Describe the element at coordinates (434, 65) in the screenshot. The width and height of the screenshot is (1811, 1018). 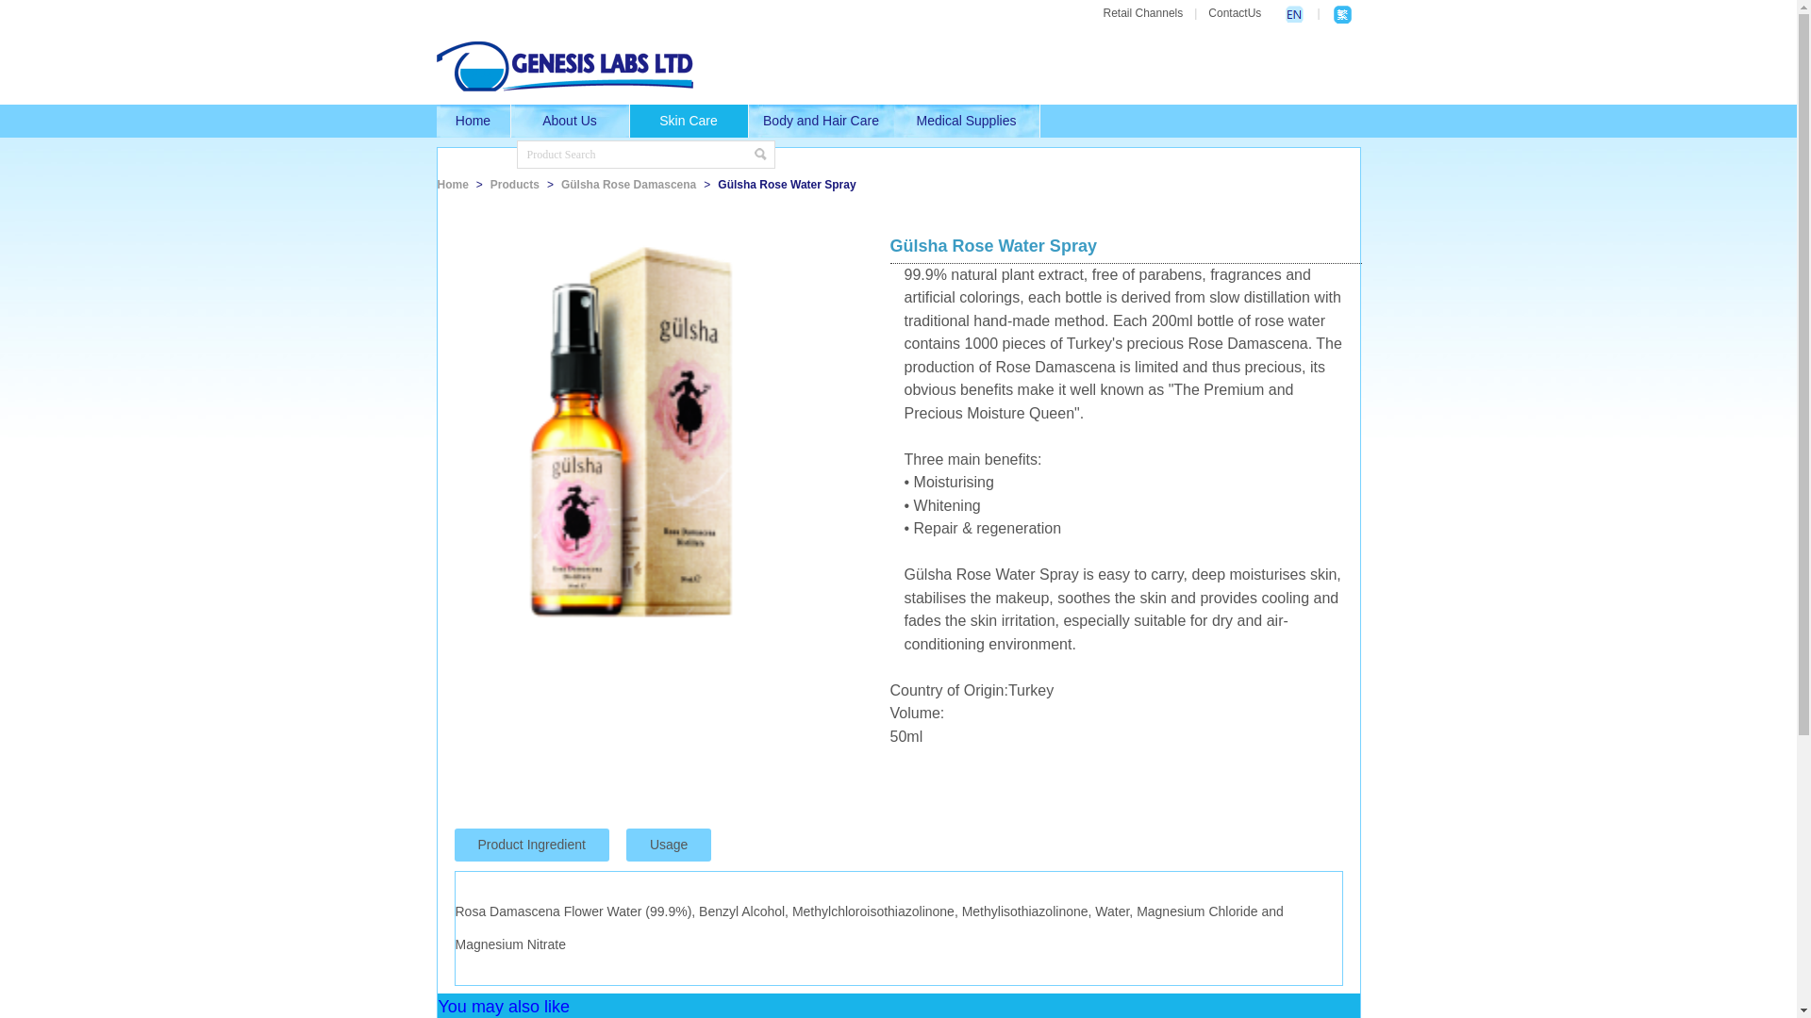
I see `'Genesis Labs Ltd'` at that location.